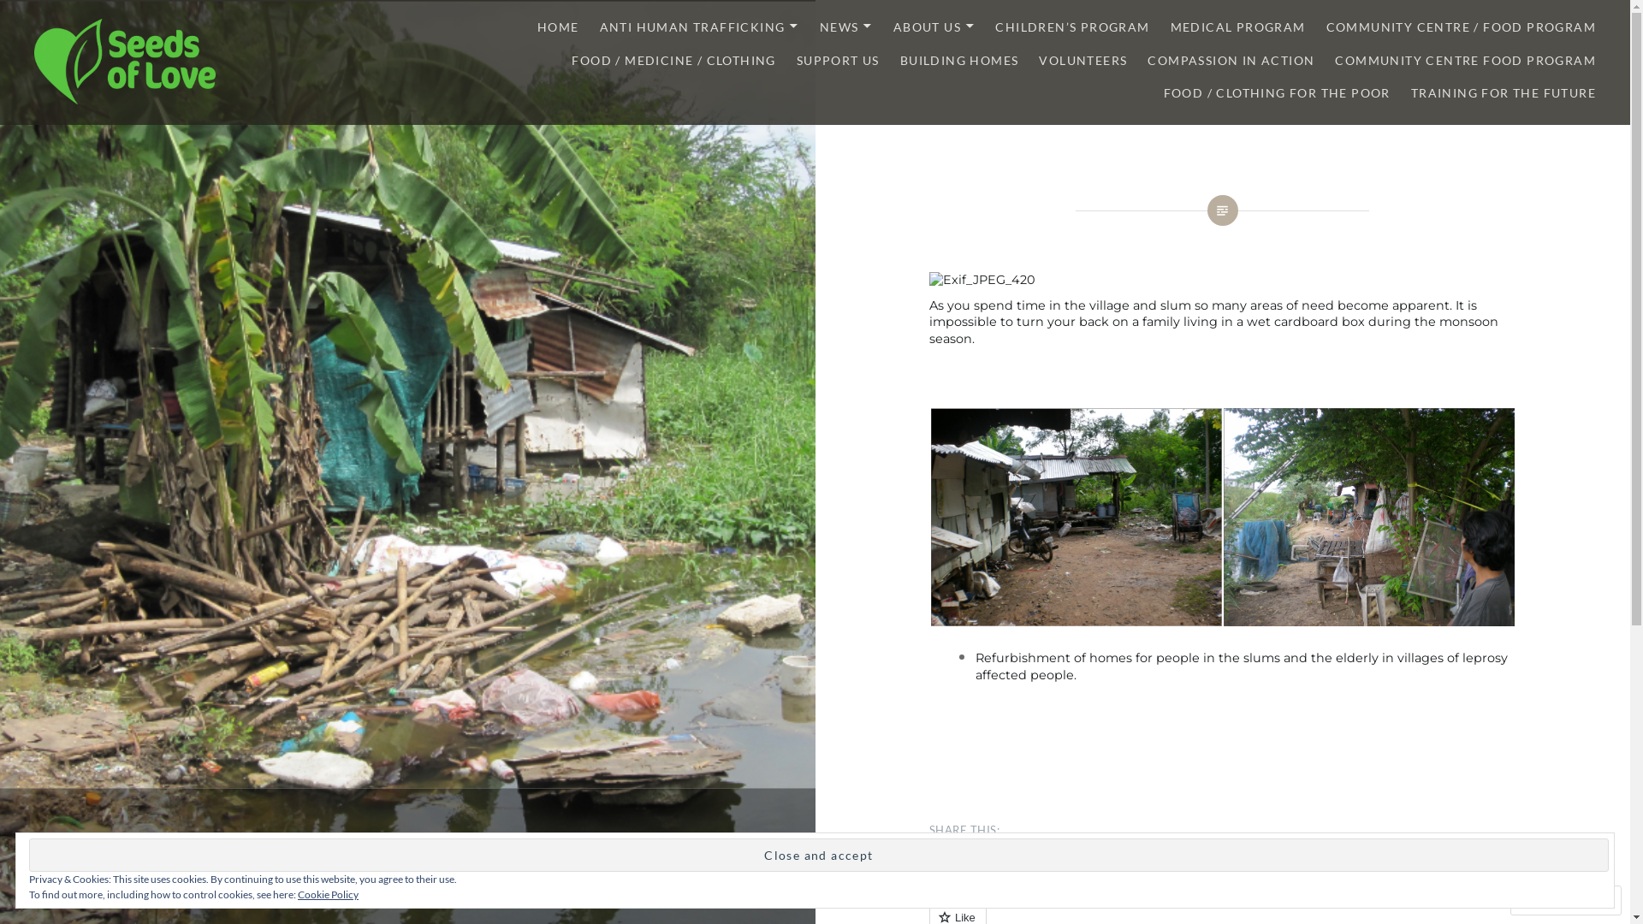 Image resolution: width=1643 pixels, height=924 pixels. What do you see at coordinates (1411, 93) in the screenshot?
I see `'TRAINING FOR THE FUTURE'` at bounding box center [1411, 93].